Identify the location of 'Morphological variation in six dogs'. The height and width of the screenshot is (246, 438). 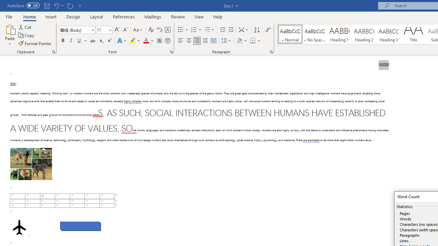
(30, 164).